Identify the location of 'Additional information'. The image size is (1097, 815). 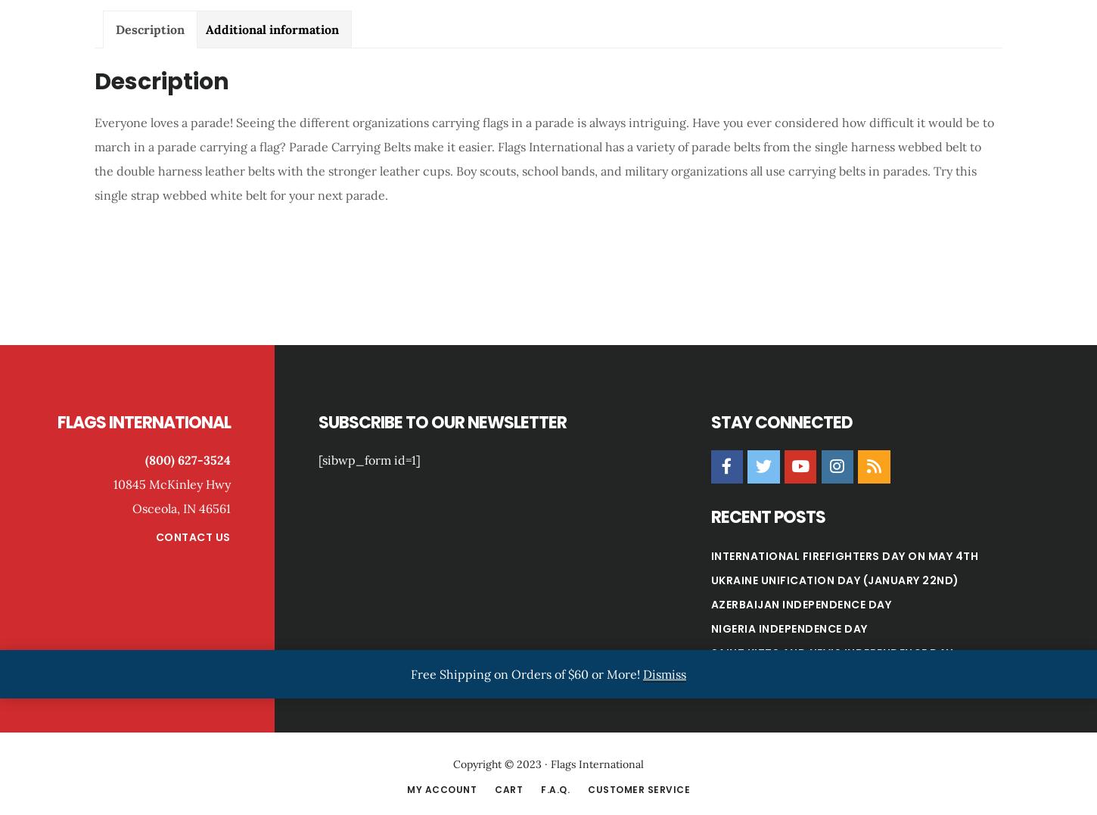
(272, 28).